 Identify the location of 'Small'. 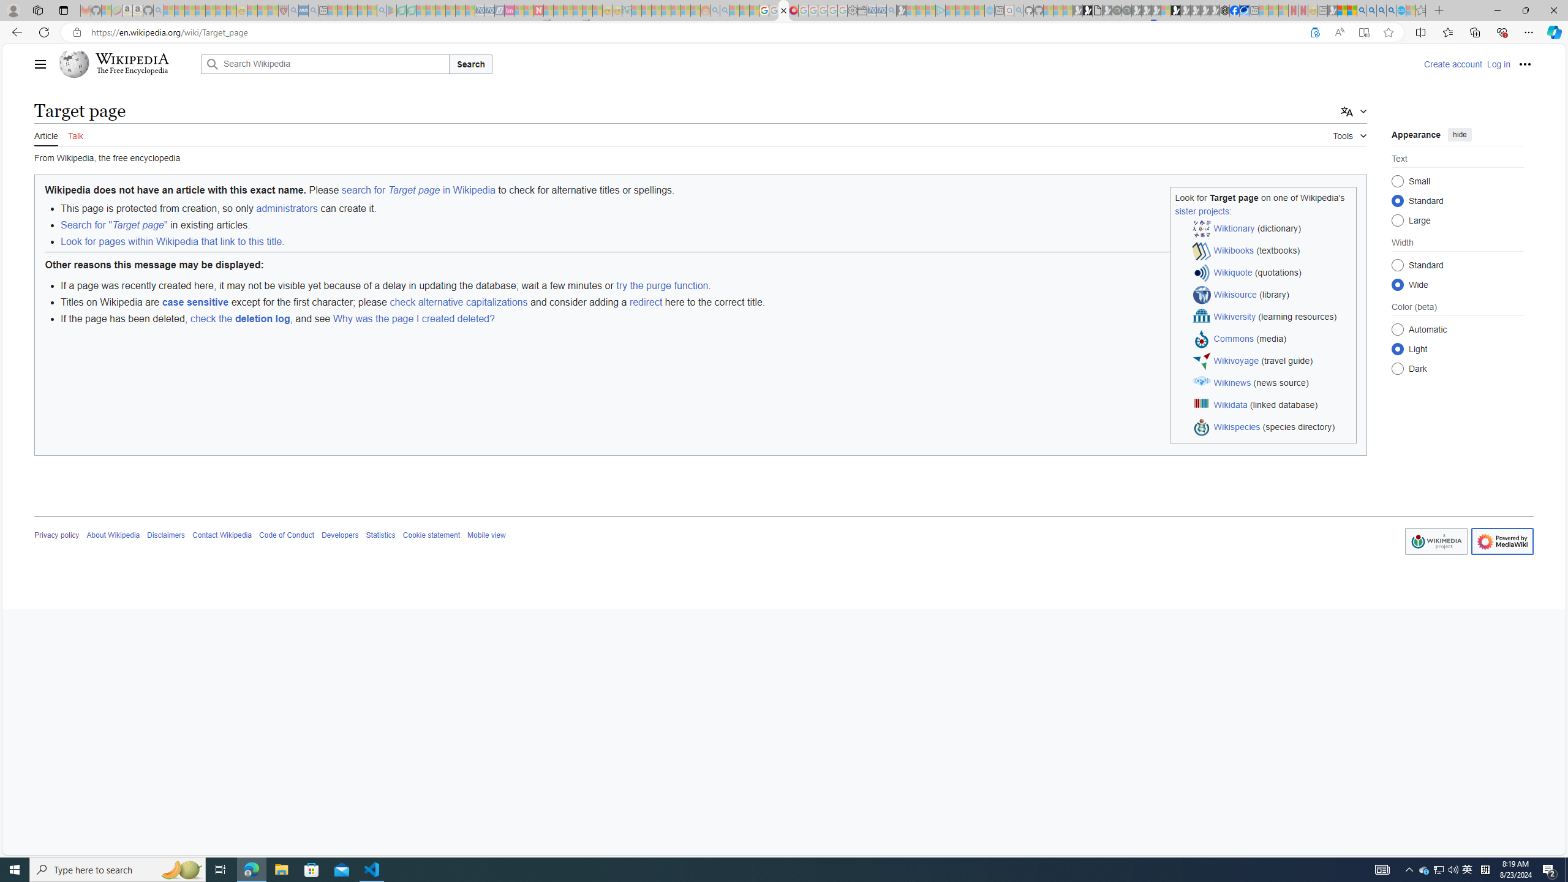
(1398, 180).